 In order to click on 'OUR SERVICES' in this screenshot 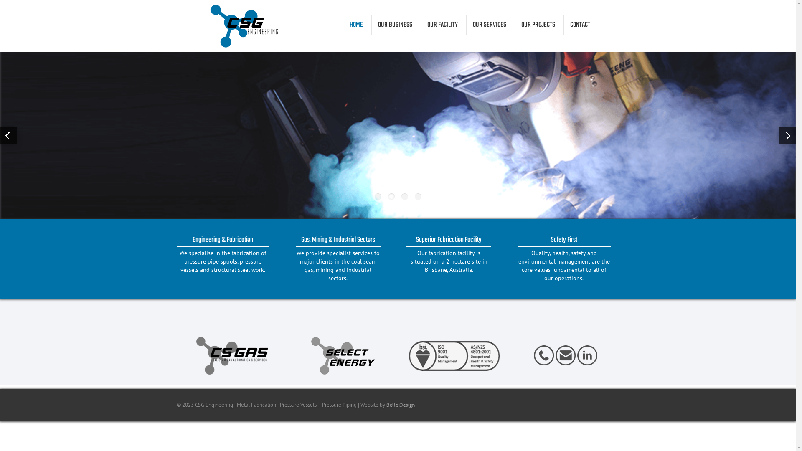, I will do `click(489, 25)`.